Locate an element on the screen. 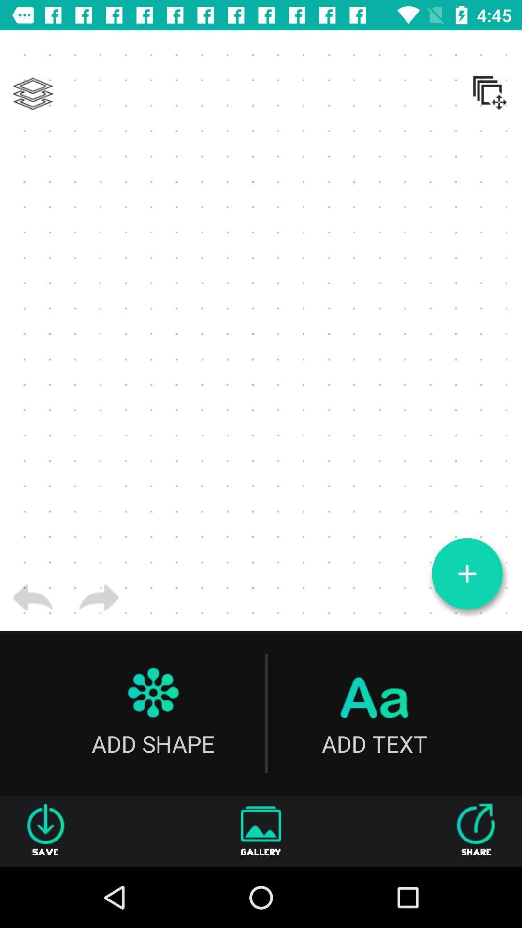  go back is located at coordinates (32, 597).